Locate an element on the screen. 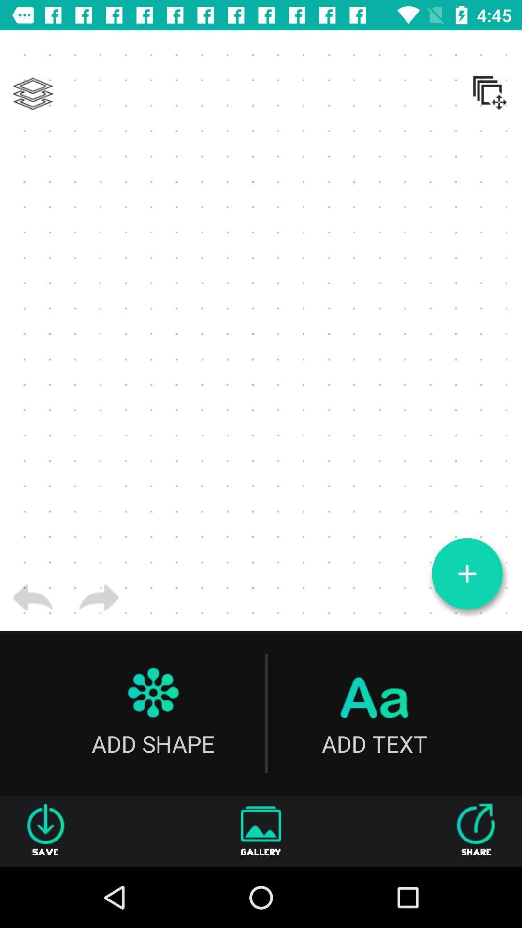  go back is located at coordinates (32, 597).